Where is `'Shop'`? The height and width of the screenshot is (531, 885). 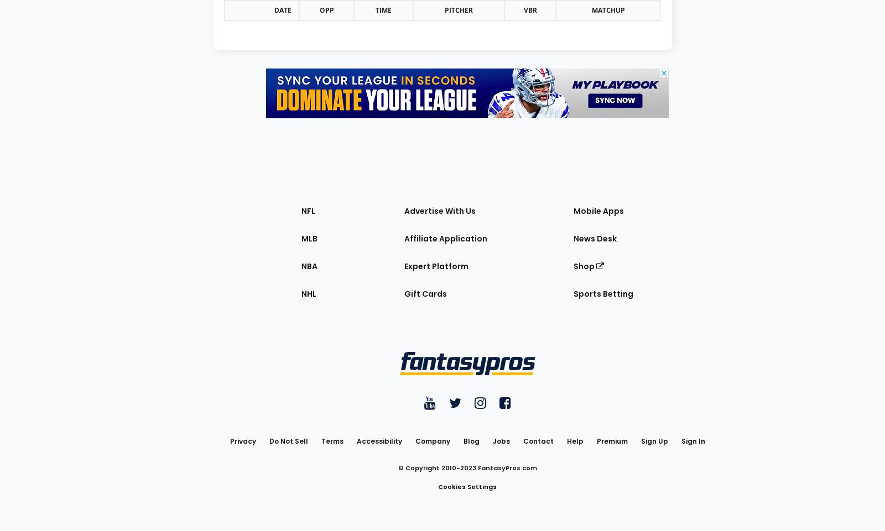
'Shop' is located at coordinates (585, 265).